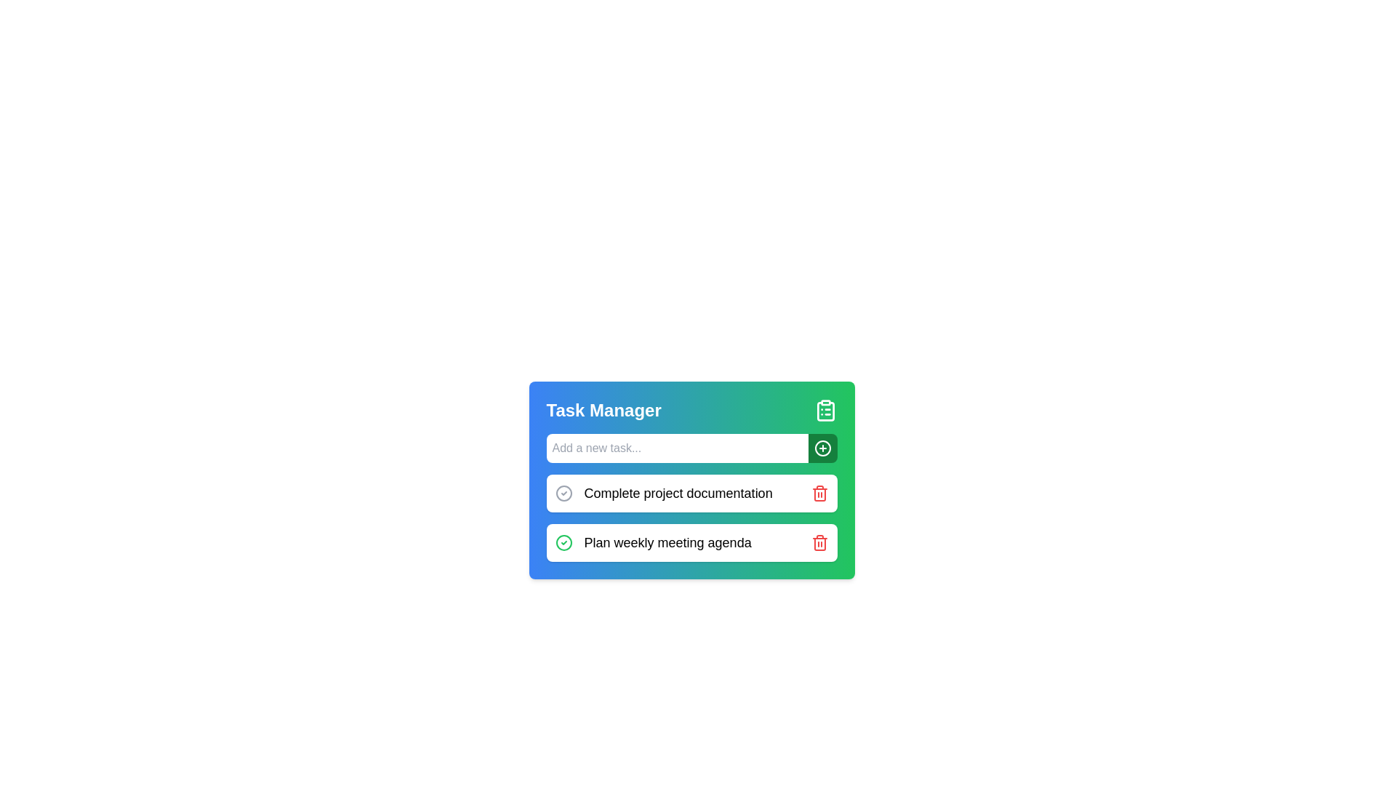 The width and height of the screenshot is (1396, 785). What do you see at coordinates (563, 543) in the screenshot?
I see `the SVG circle element with a green border, which is part of the checkmark icon next to the task titled 'Complete project documentation'` at bounding box center [563, 543].